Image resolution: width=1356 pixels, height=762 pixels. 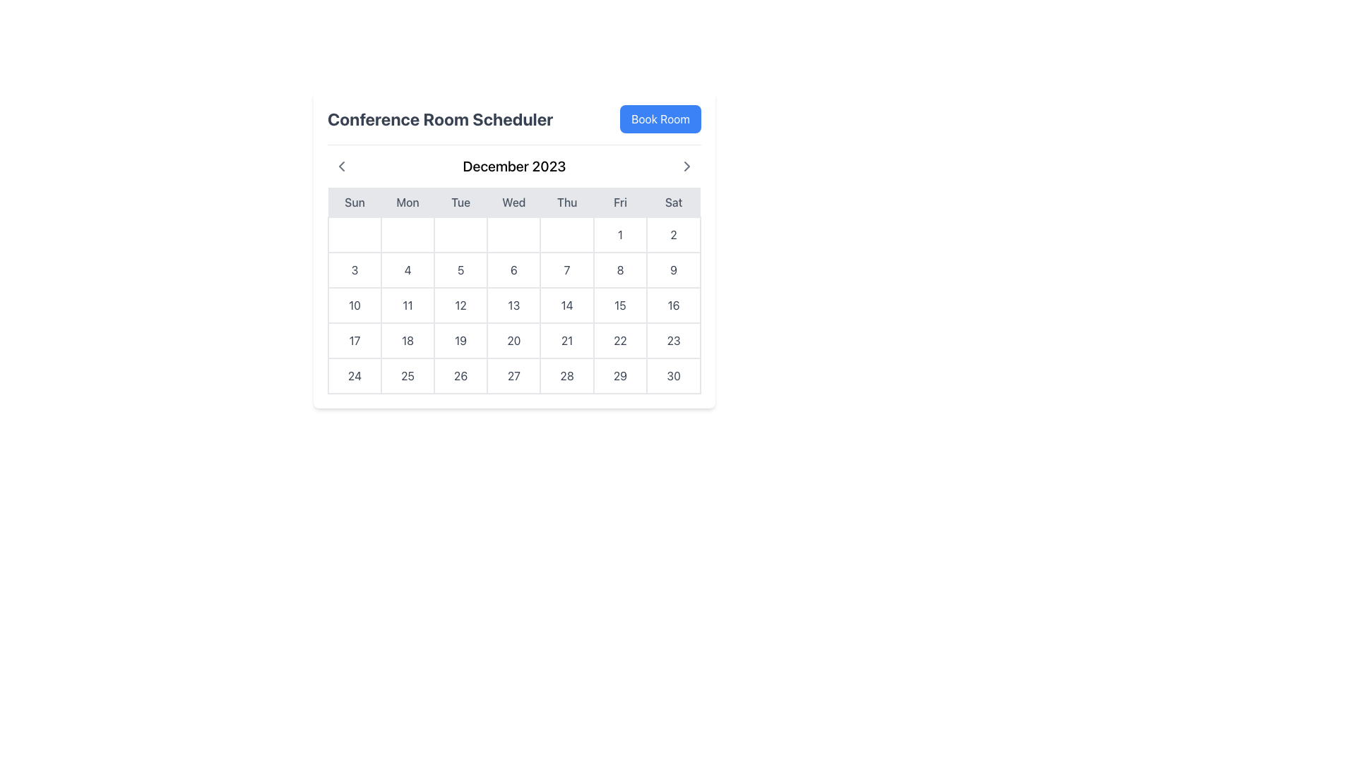 What do you see at coordinates (407, 375) in the screenshot?
I see `the date cell displaying the number '25' in bold black text` at bounding box center [407, 375].